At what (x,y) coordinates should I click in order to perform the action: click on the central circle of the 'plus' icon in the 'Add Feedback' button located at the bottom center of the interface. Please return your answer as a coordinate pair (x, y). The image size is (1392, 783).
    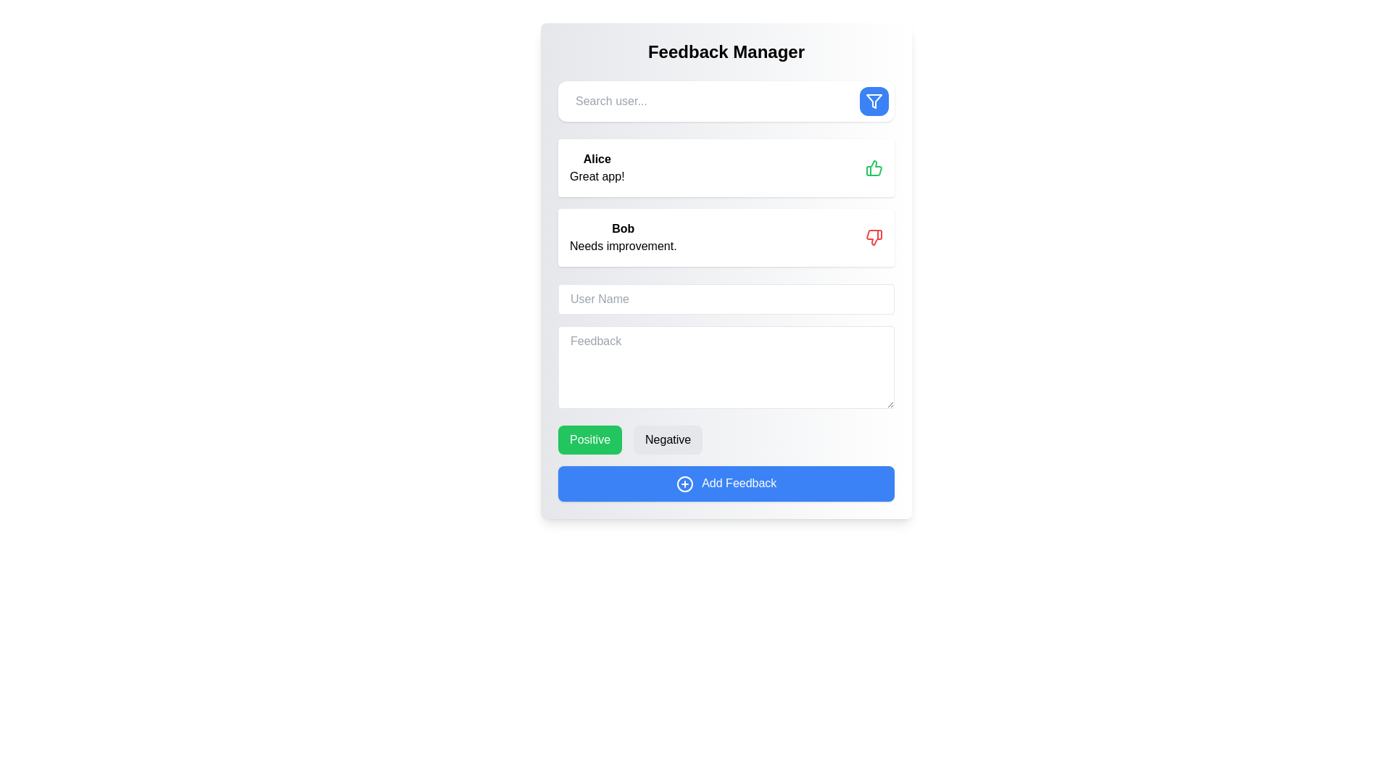
    Looking at the image, I should click on (684, 484).